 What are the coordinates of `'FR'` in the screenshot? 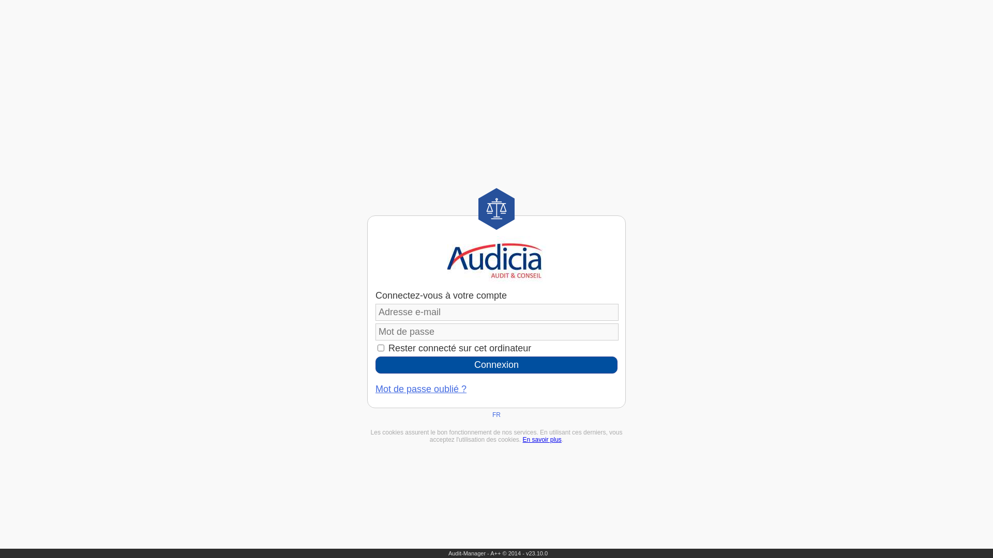 It's located at (496, 414).